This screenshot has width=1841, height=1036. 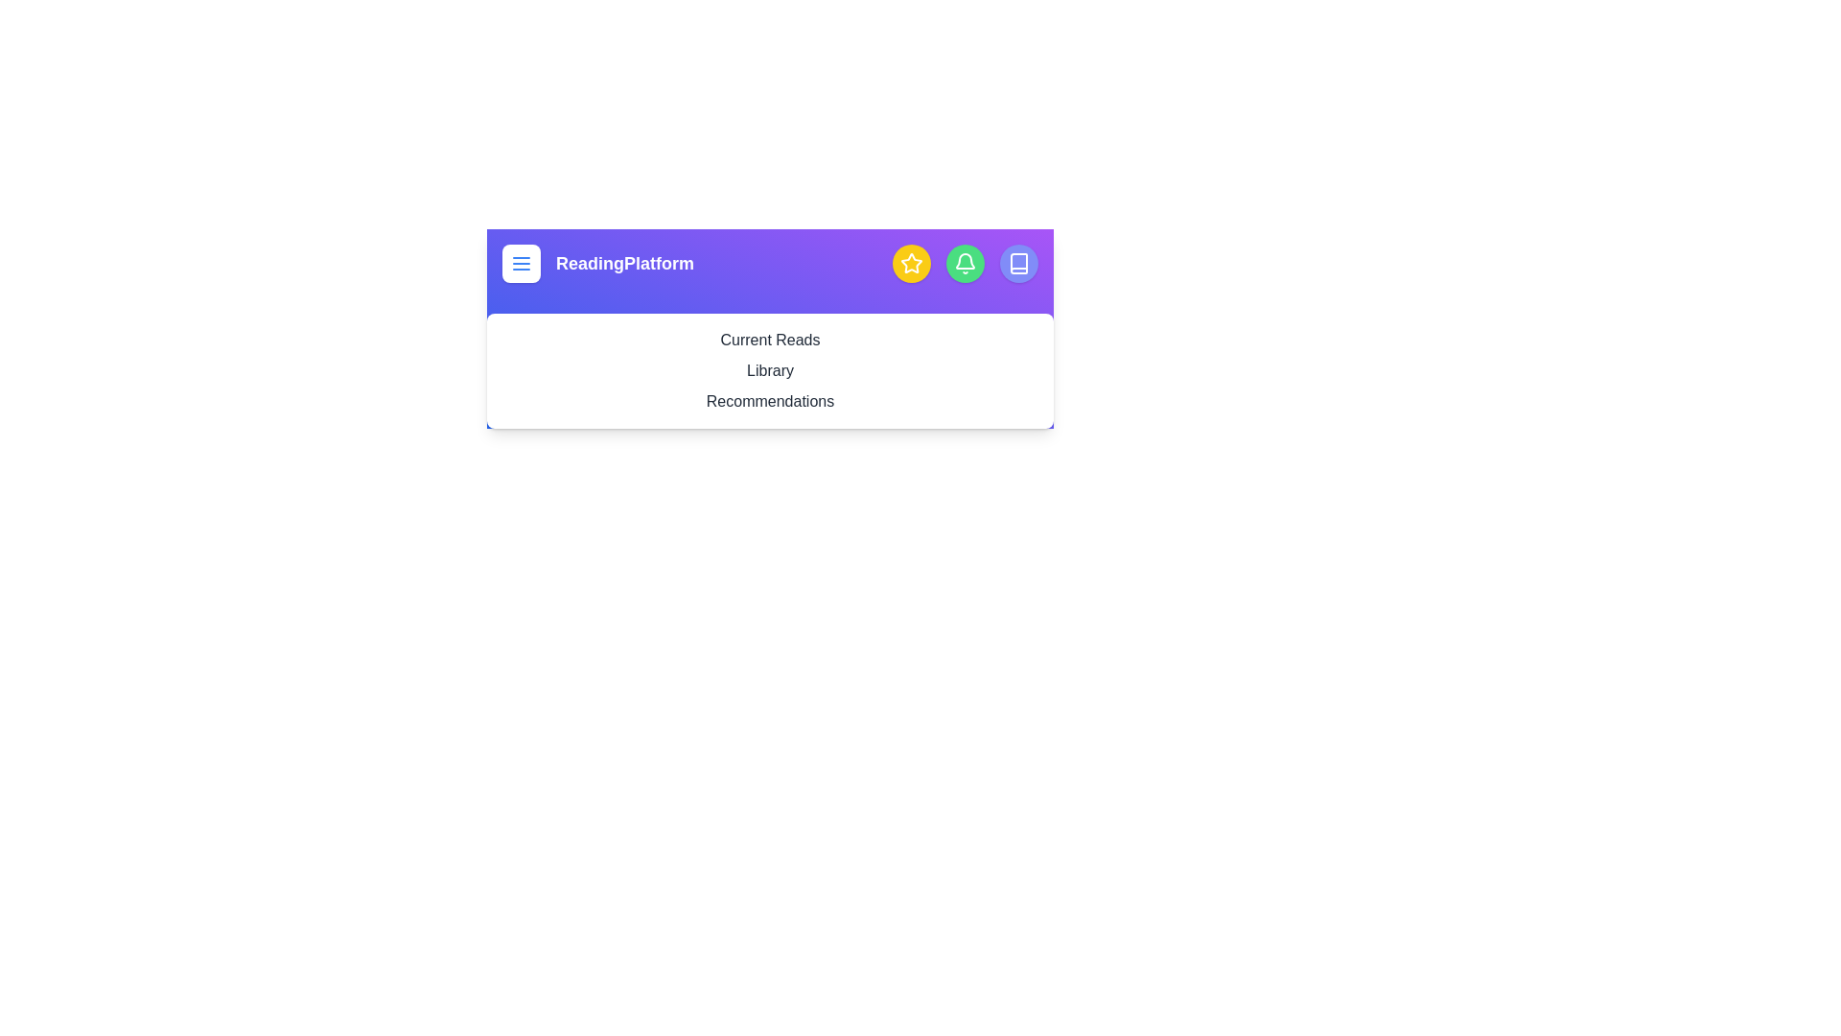 I want to click on the star button to mark the item as a favorite, so click(x=910, y=263).